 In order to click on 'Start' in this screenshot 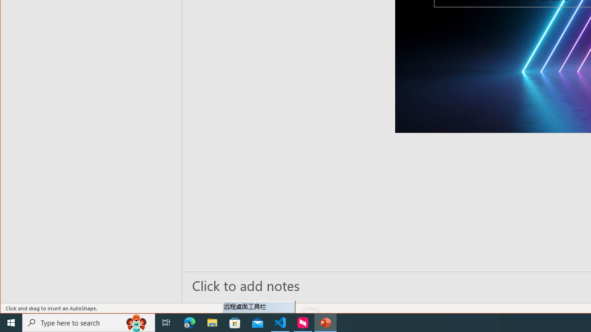, I will do `click(11, 322)`.